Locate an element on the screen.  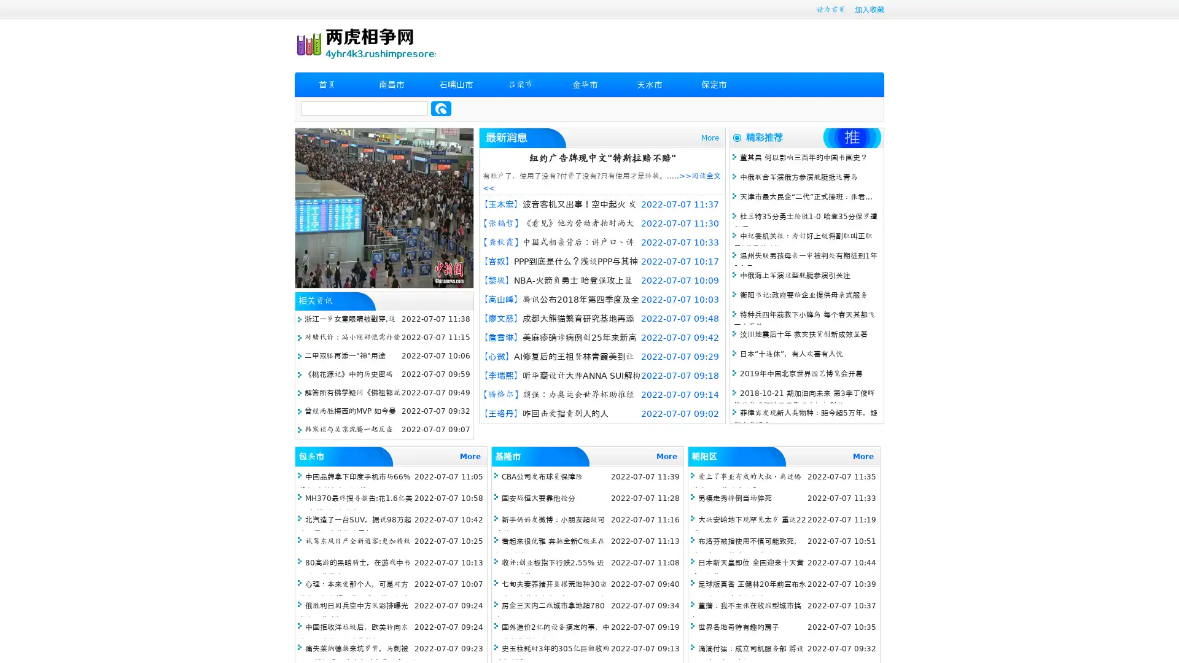
Search is located at coordinates (441, 108).